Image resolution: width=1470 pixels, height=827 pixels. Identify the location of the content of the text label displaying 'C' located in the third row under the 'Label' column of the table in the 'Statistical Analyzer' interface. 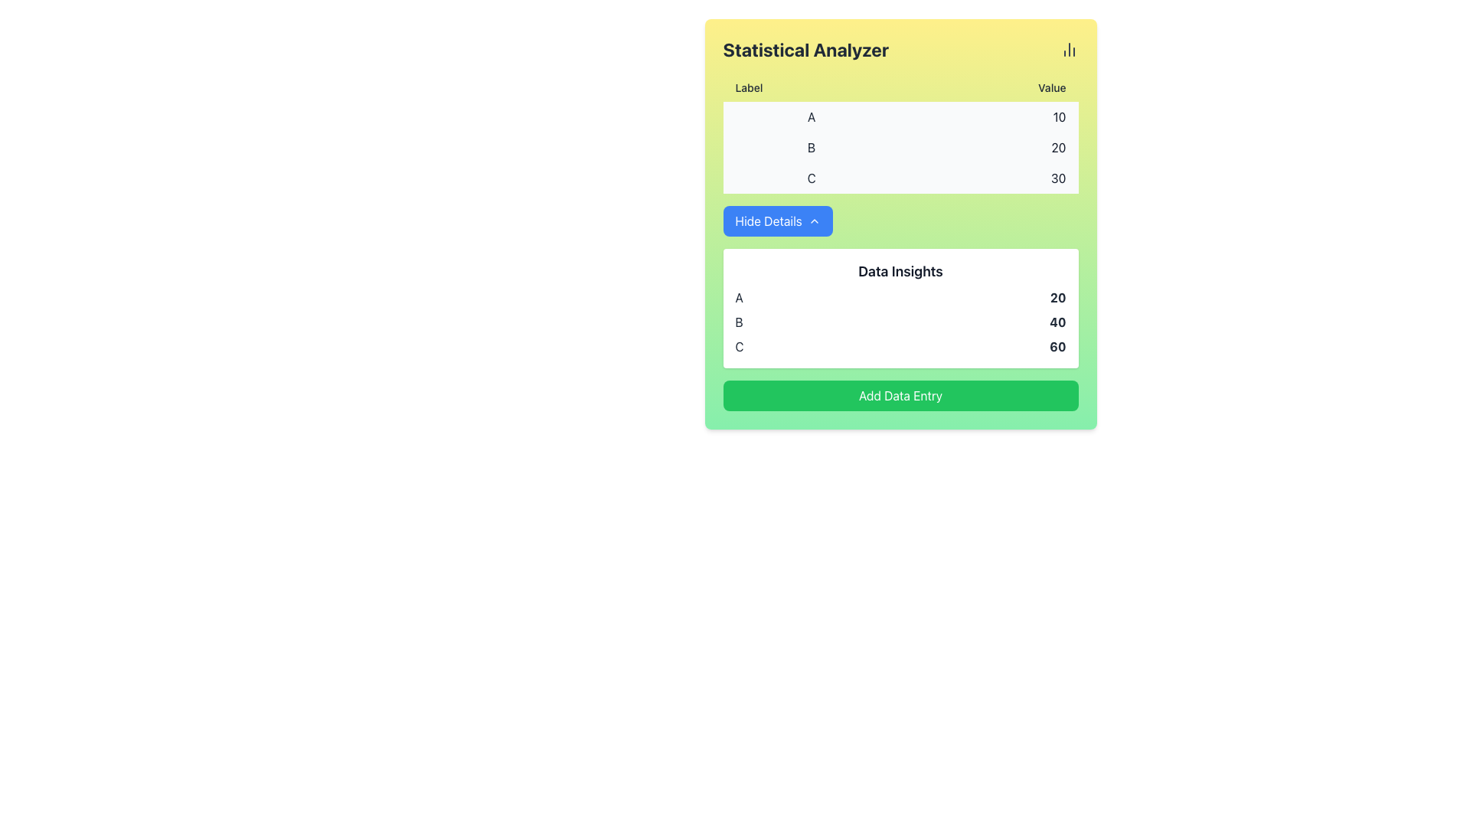
(811, 177).